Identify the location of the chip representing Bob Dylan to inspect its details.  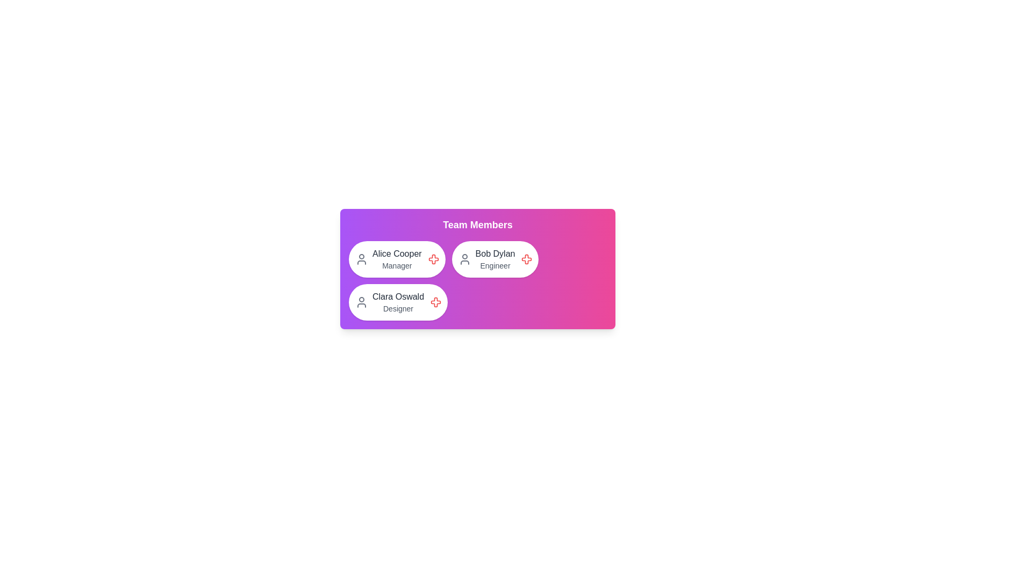
(494, 259).